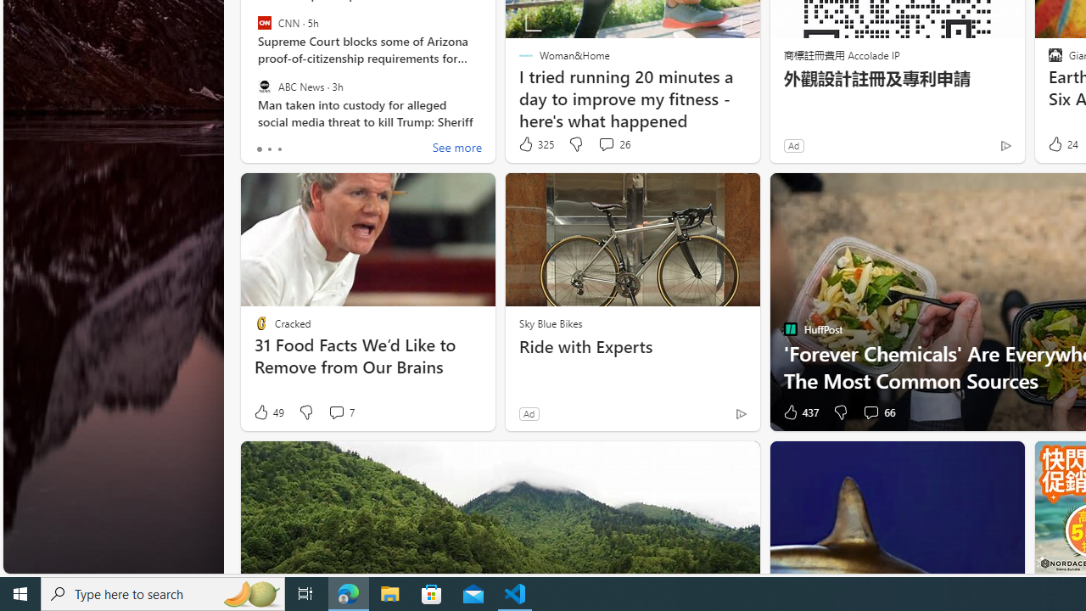 This screenshot has height=611, width=1086. I want to click on 'tab-2', so click(278, 149).